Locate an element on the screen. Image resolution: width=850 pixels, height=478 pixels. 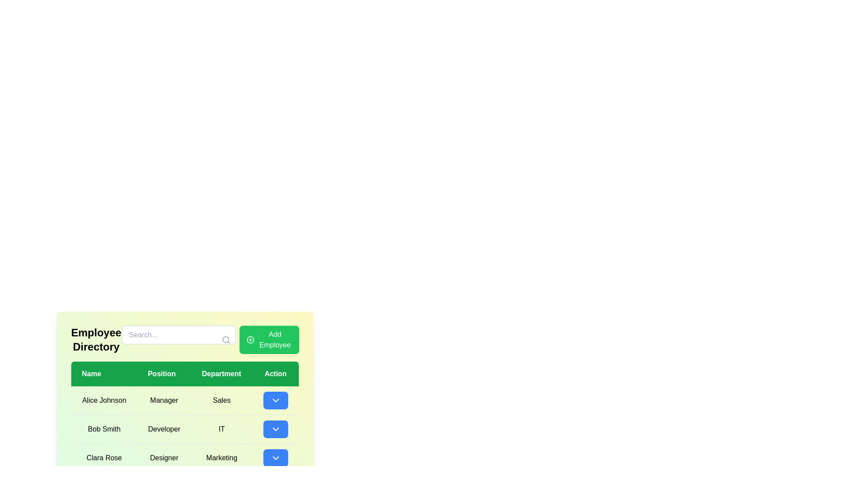
text label displaying the department 'IT' associated with employee 'Bob Smith', located in the third column of the second row of the table is located at coordinates (221, 428).